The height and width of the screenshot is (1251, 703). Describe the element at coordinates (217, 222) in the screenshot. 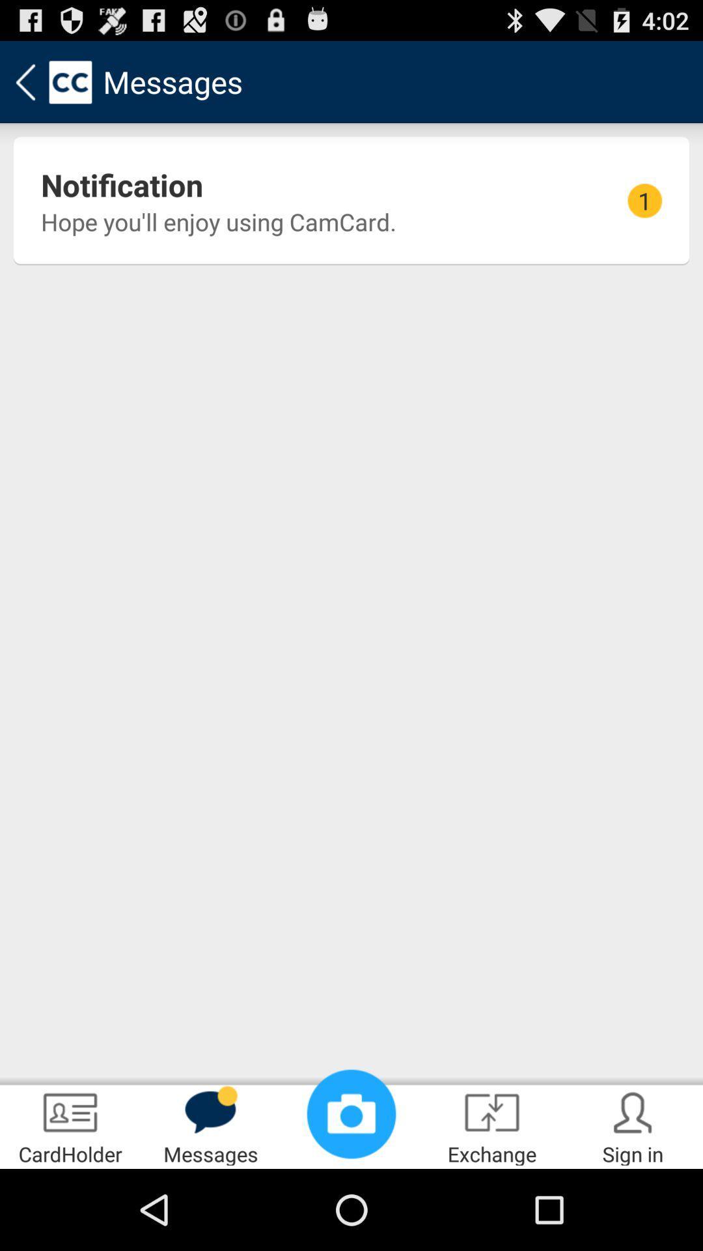

I see `the hope you ll` at that location.